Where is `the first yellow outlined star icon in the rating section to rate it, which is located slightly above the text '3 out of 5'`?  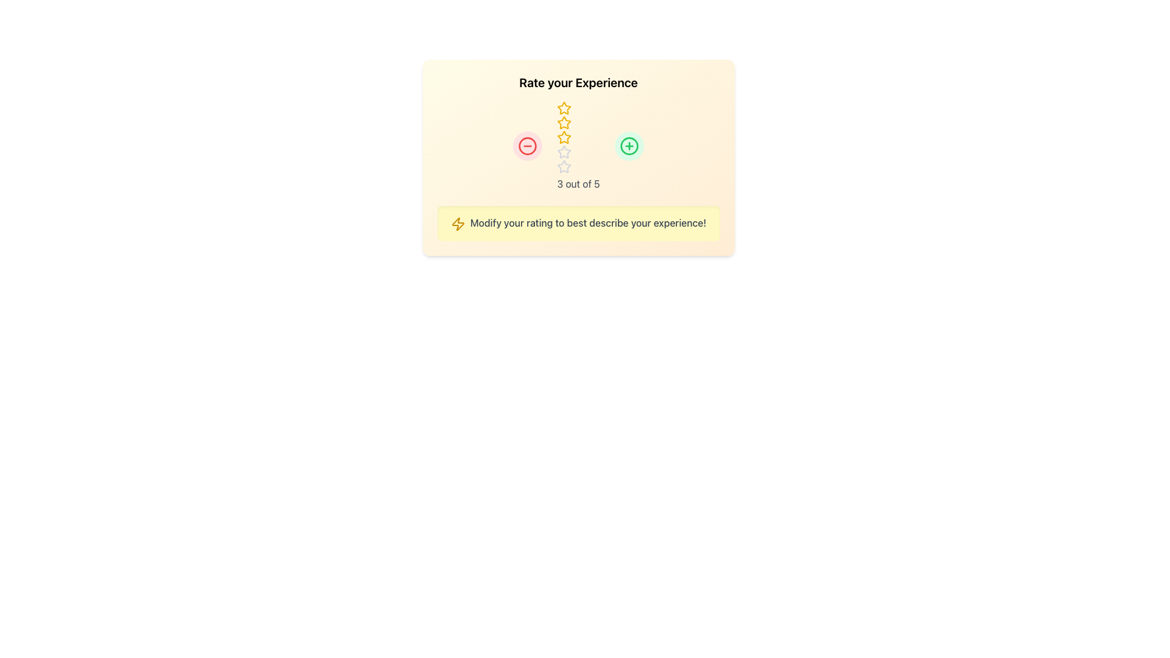
the first yellow outlined star icon in the rating section to rate it, which is located slightly above the text '3 out of 5' is located at coordinates (564, 107).